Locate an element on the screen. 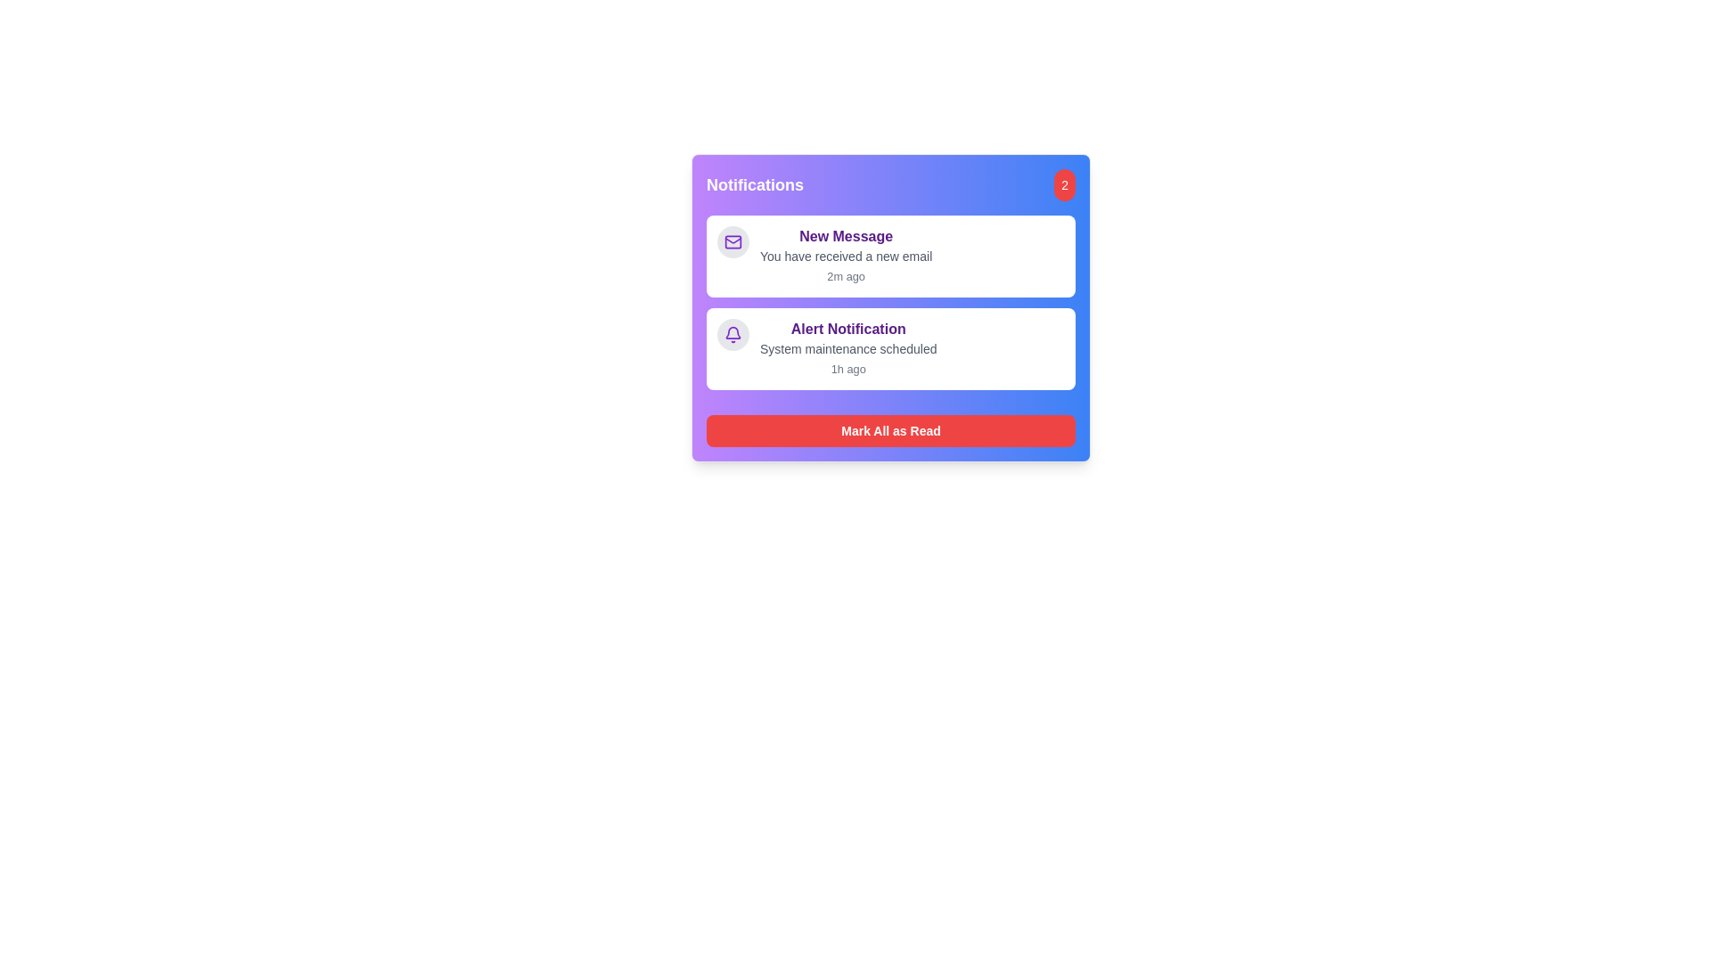  the first notification item in the notification panel, which displays a recent email with its title and brief description is located at coordinates (845, 257).